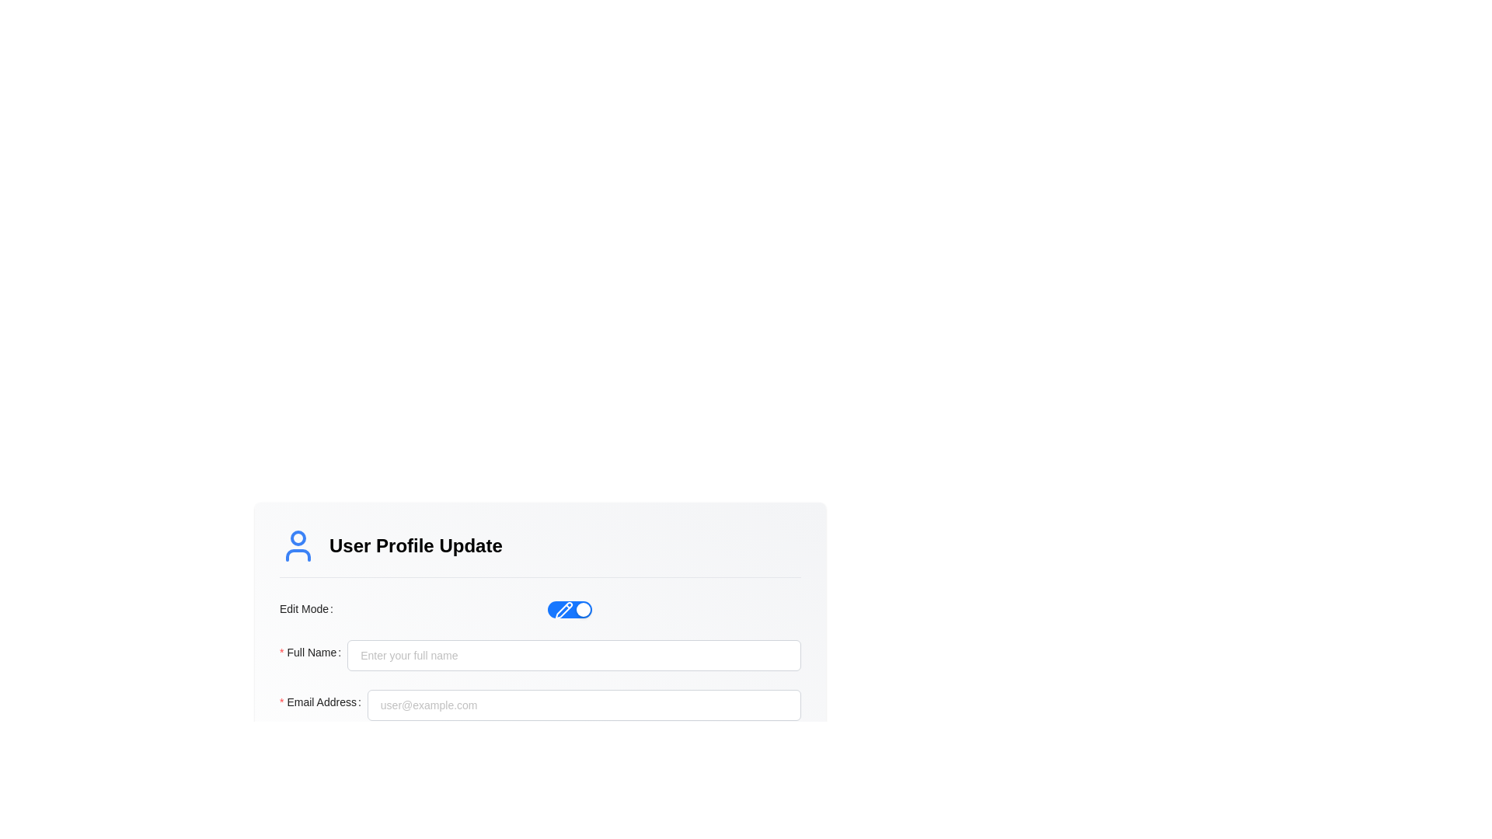 The width and height of the screenshot is (1492, 839). I want to click on the email input field label in the 'User Profile Update' form, which is located below the 'Full Name' field label and to the left of the email input box, so click(322, 701).